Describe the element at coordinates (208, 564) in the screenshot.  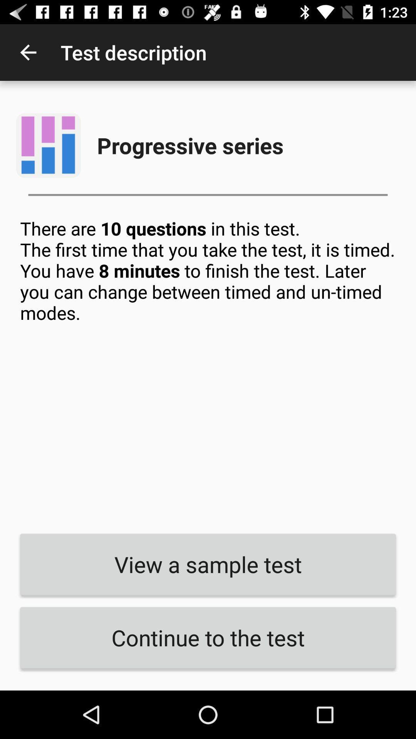
I see `the view a sample icon` at that location.